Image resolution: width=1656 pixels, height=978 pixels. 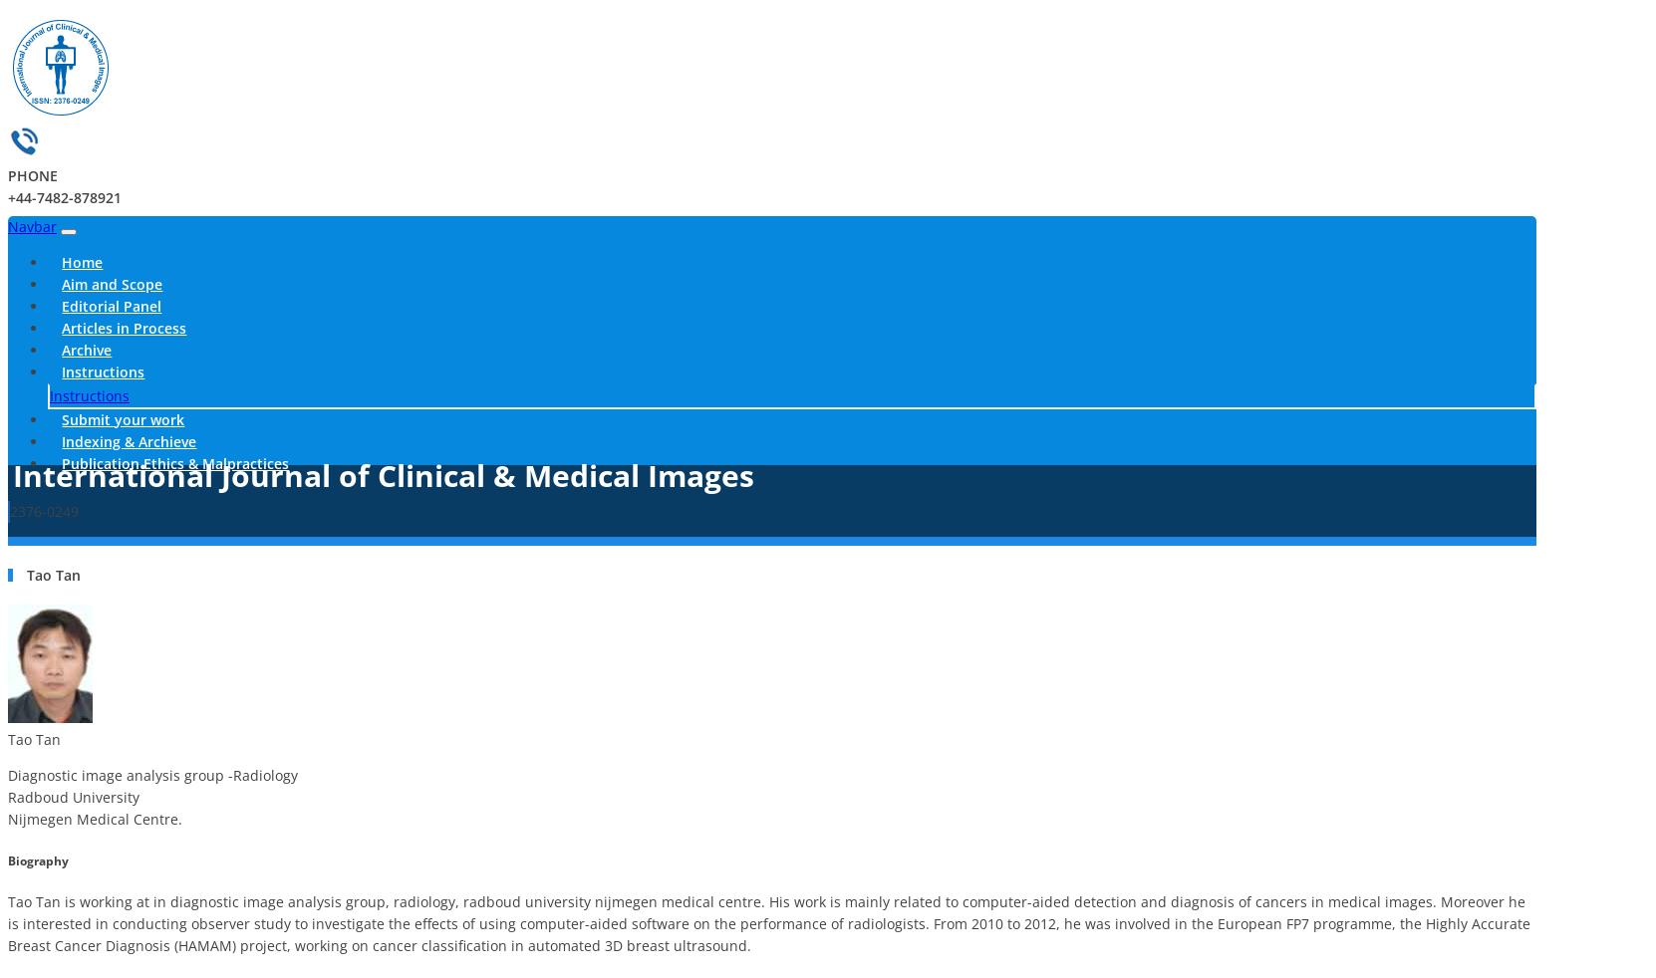 What do you see at coordinates (123, 419) in the screenshot?
I see `'Submit your work'` at bounding box center [123, 419].